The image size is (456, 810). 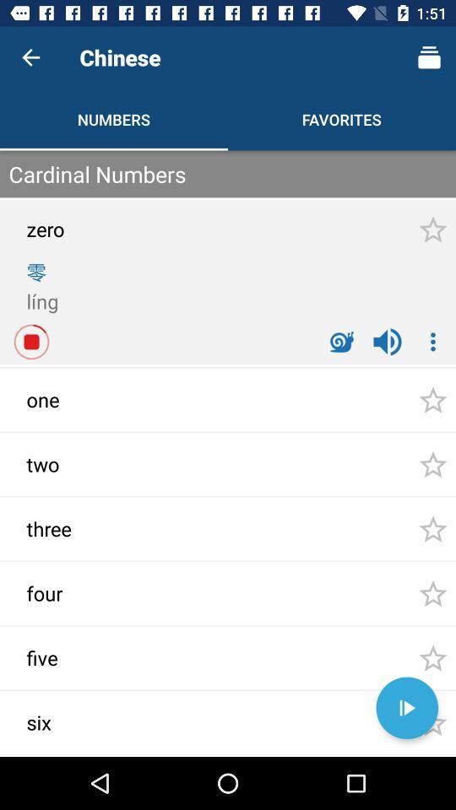 I want to click on the text five present above six, so click(x=75, y=661).